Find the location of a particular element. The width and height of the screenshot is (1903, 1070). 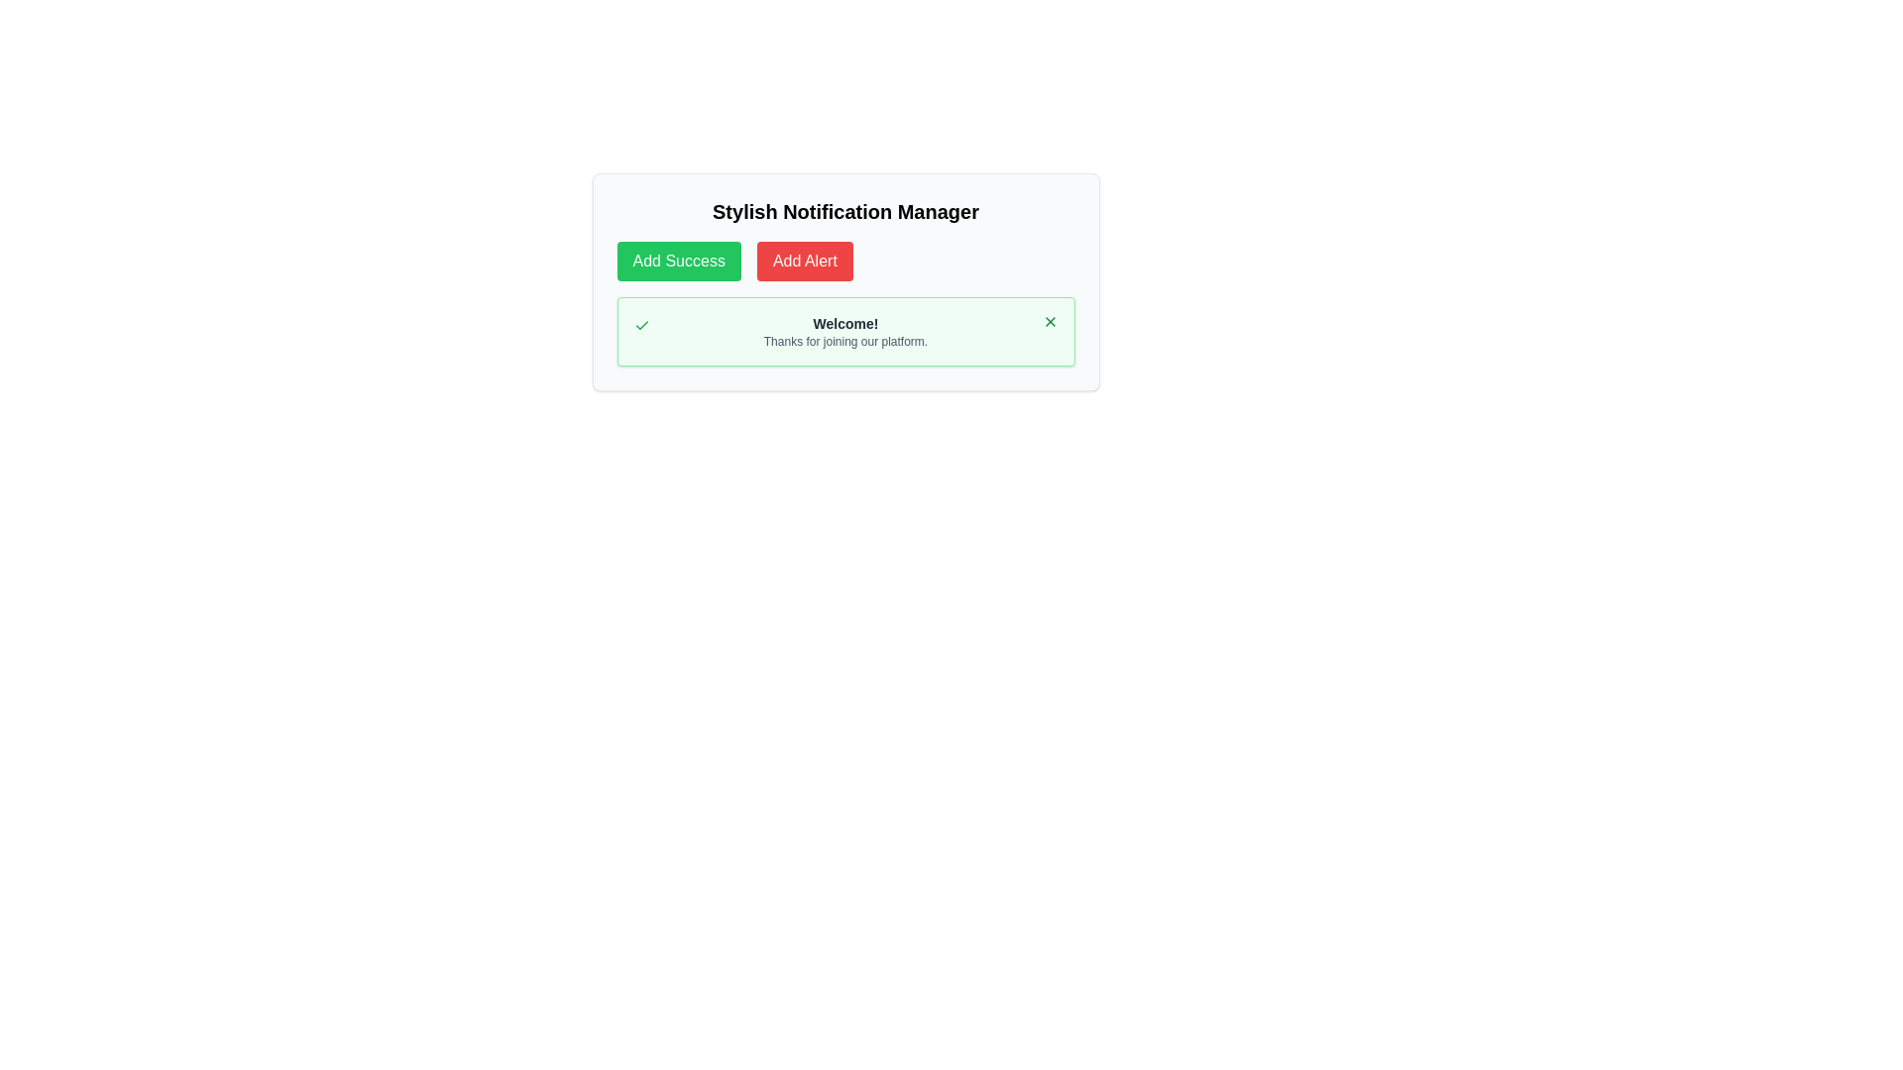

the 'X' button located at the far right corner of the green-bordered notification box is located at coordinates (1049, 320).